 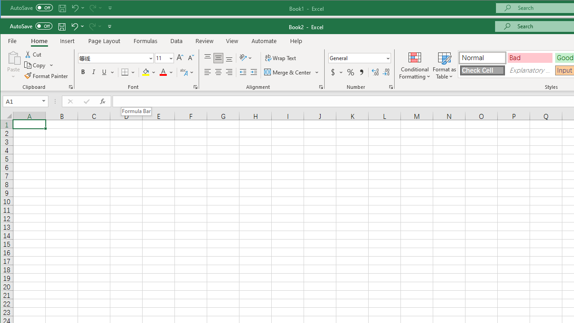 I want to click on 'Percent Style', so click(x=350, y=72).